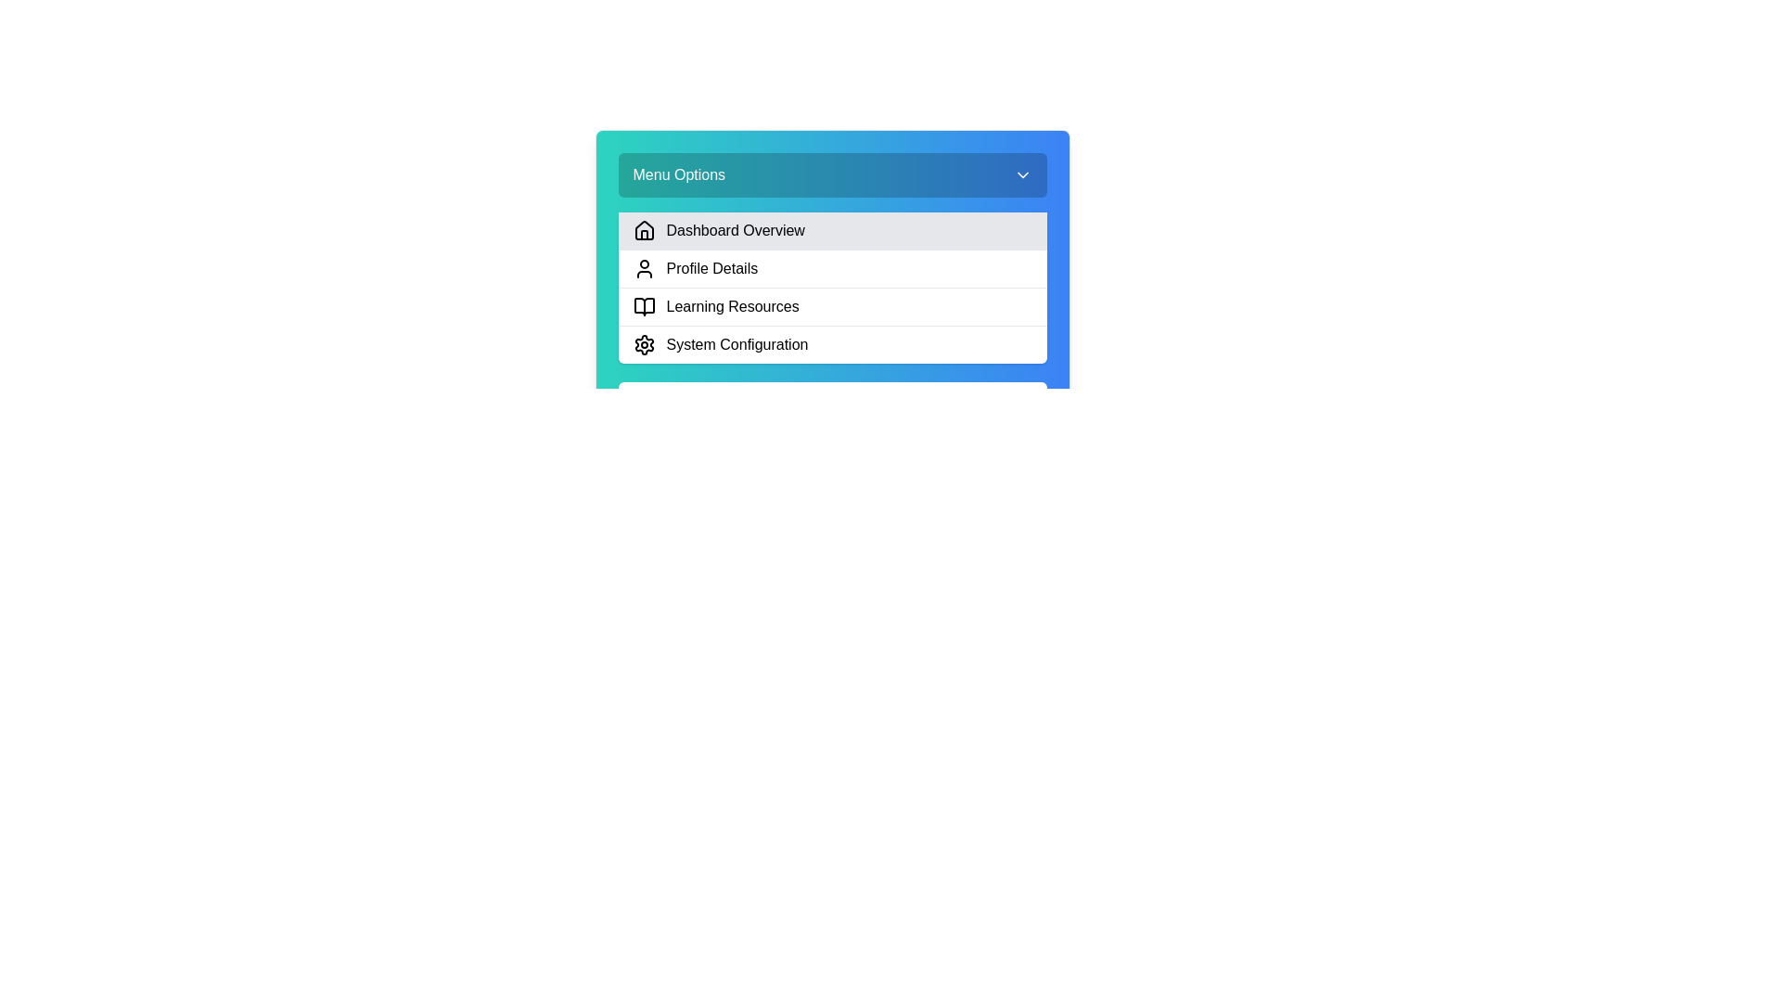  Describe the element at coordinates (644, 344) in the screenshot. I see `the gear icon with a simple line-art design located to the left of the 'System Configuration' text label in the menu entry` at that location.